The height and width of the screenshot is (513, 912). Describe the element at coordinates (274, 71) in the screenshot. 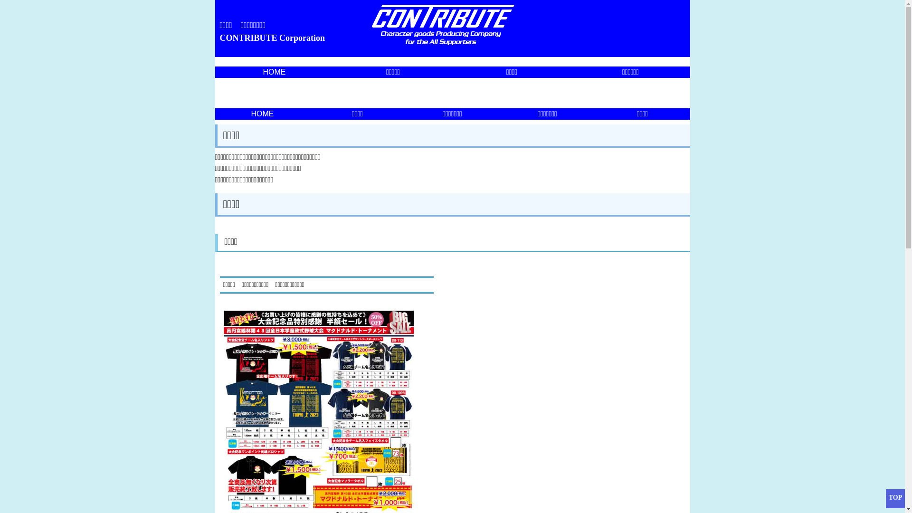

I see `'HOME'` at that location.